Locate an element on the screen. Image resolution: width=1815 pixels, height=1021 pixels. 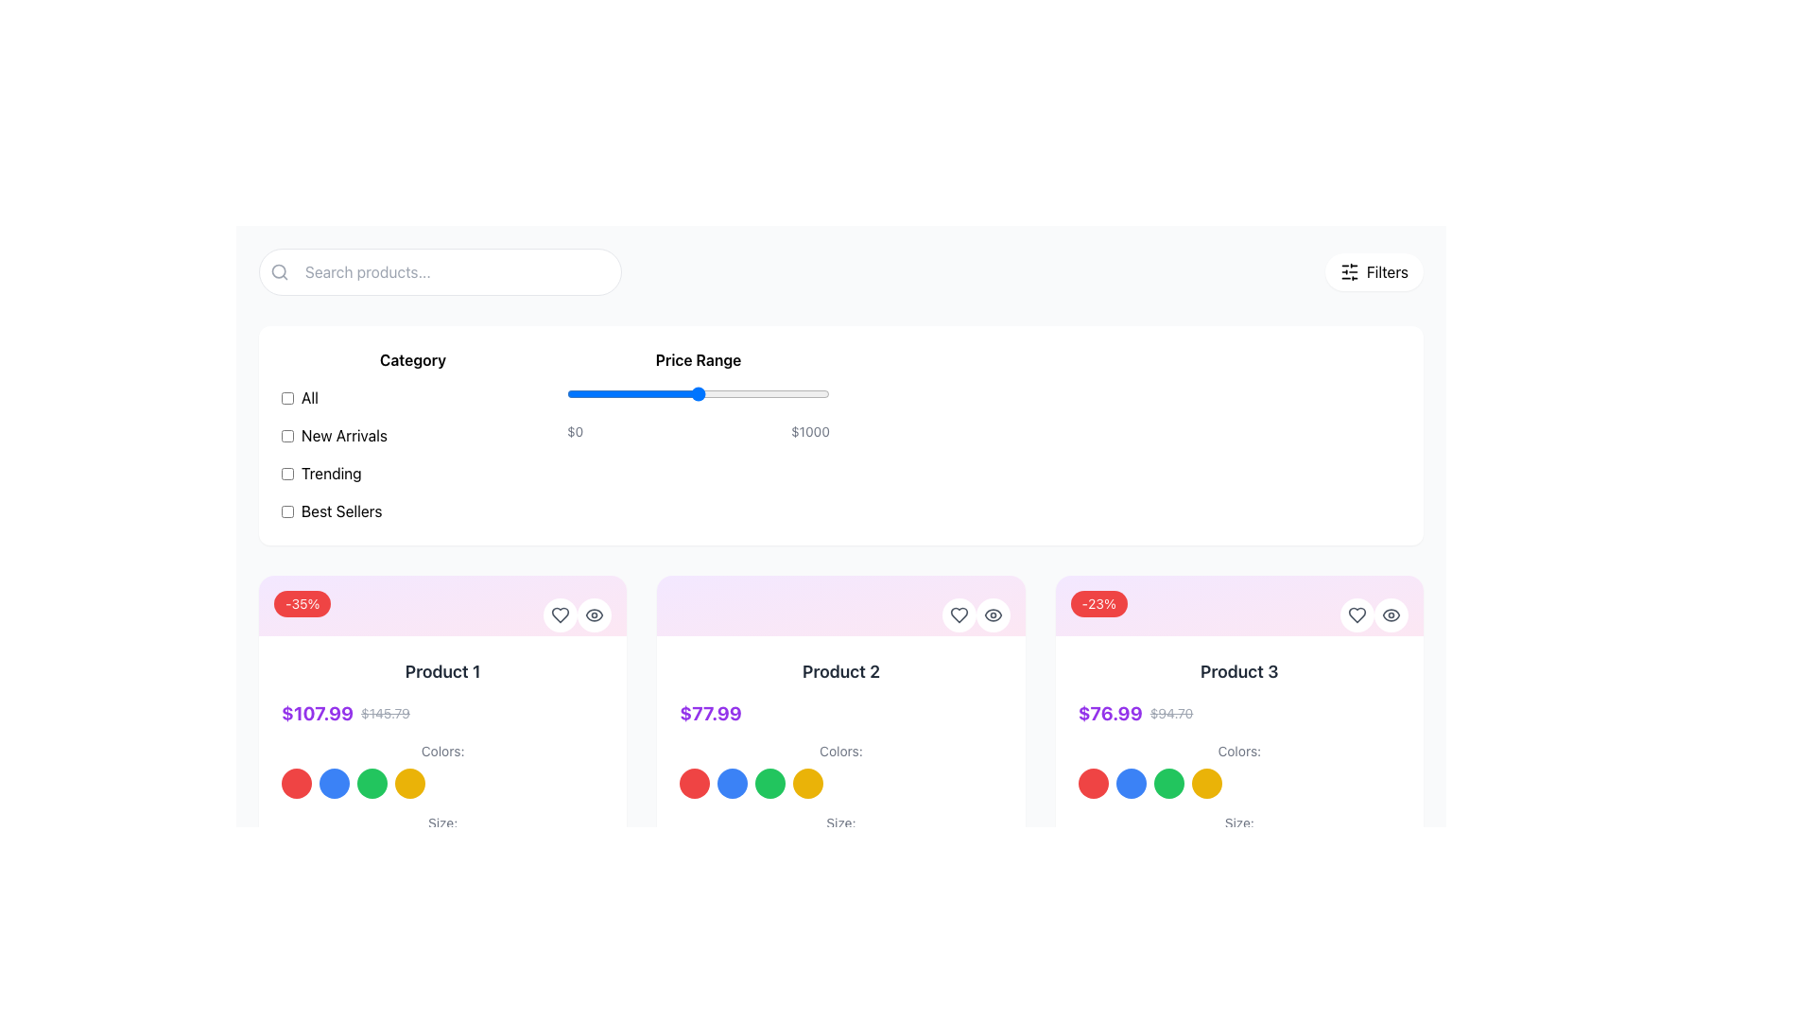
the circular button with a heart icon located in the top-right corner of the card for 'Product 2' is located at coordinates (959, 615).